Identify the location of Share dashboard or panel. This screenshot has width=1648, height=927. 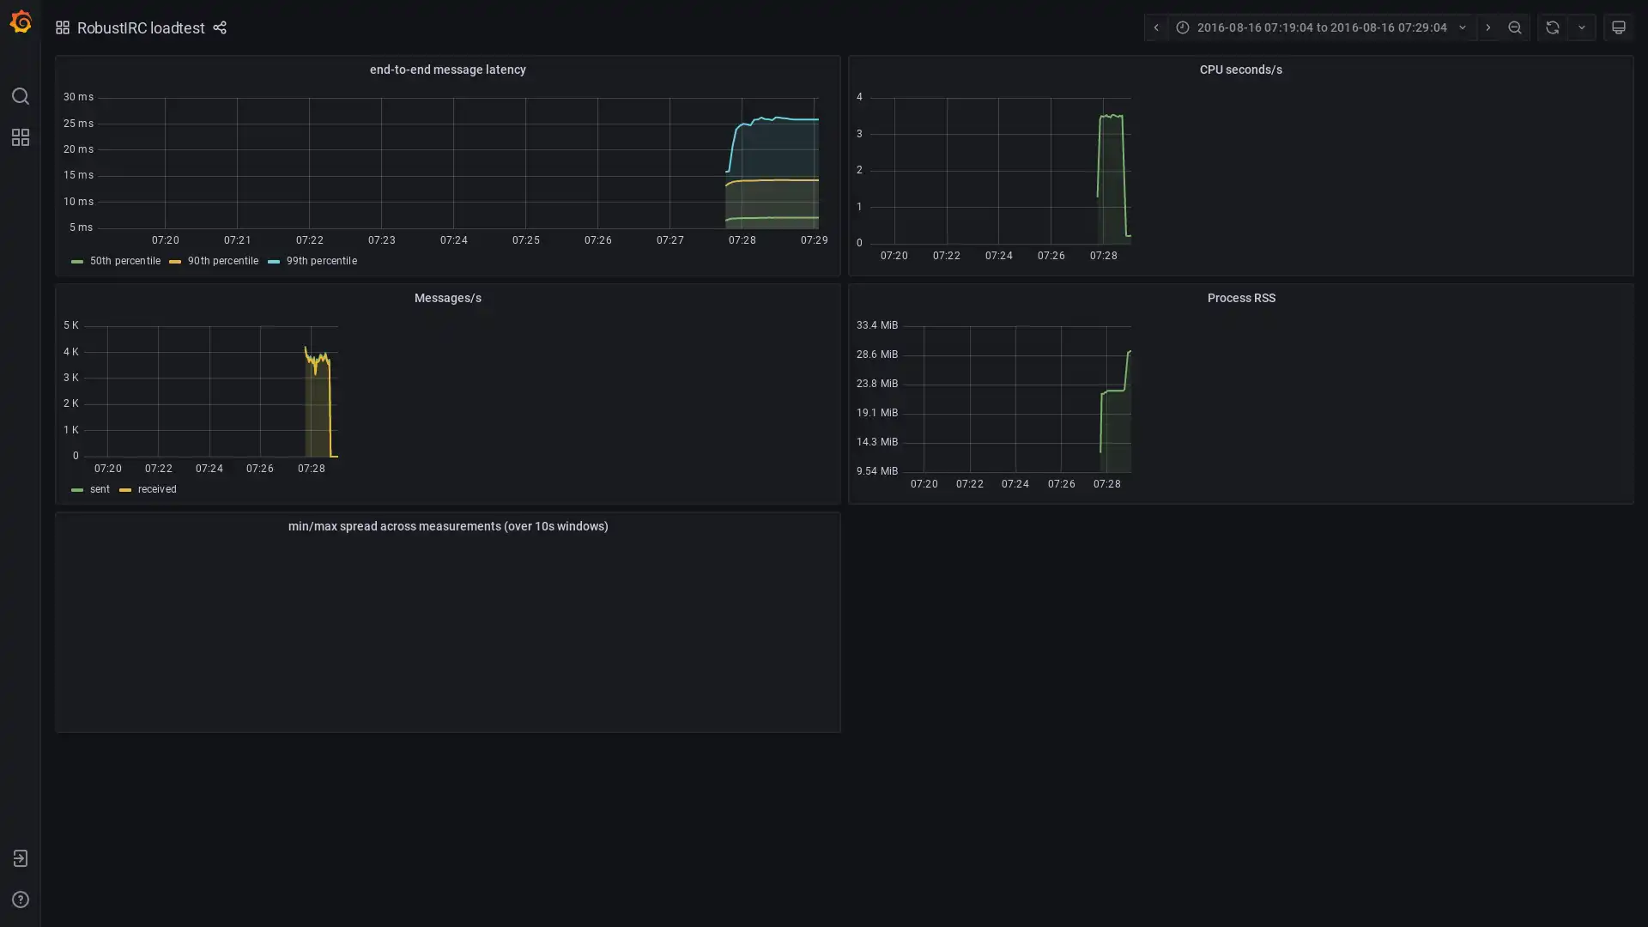
(217, 27).